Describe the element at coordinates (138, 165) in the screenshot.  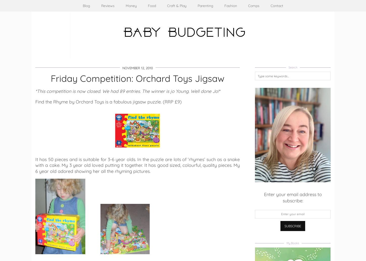
I see `'It has 50 pieces and is suitable for 3-6 year olds. In the puzzle are lots of ‘rhymes’ such as a snake with a cake. My 3 year old loved putting it together. It has good sized, colourful, quality pieces. My 6 year old adored showing her all the rhyming pictures.'` at that location.